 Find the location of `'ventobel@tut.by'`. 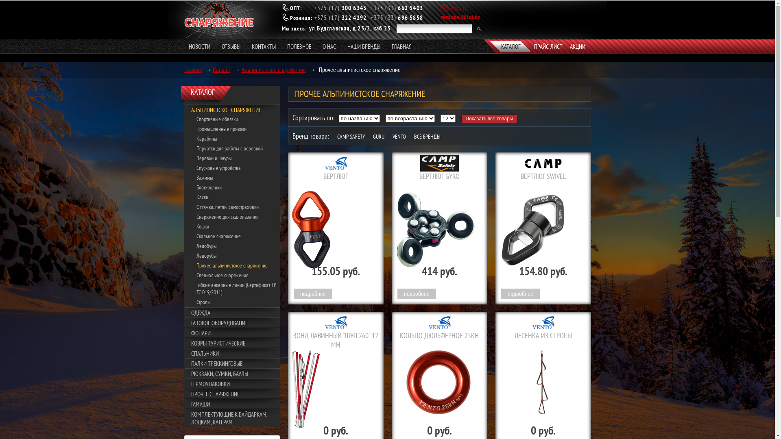

'ventobel@tut.by' is located at coordinates (460, 17).